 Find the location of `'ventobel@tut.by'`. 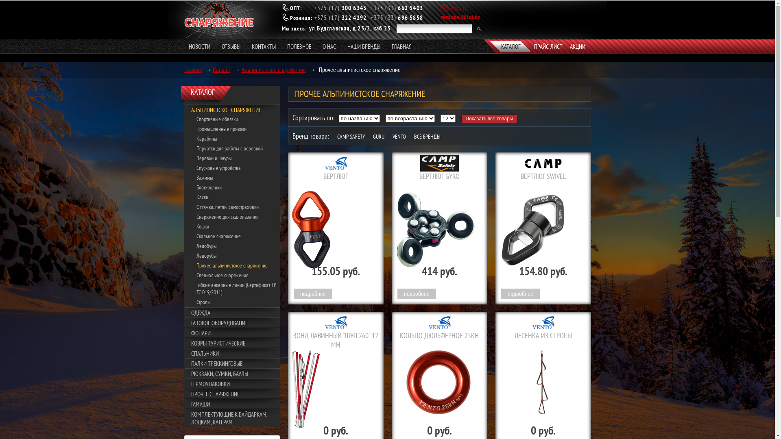

'ventobel@tut.by' is located at coordinates (460, 17).